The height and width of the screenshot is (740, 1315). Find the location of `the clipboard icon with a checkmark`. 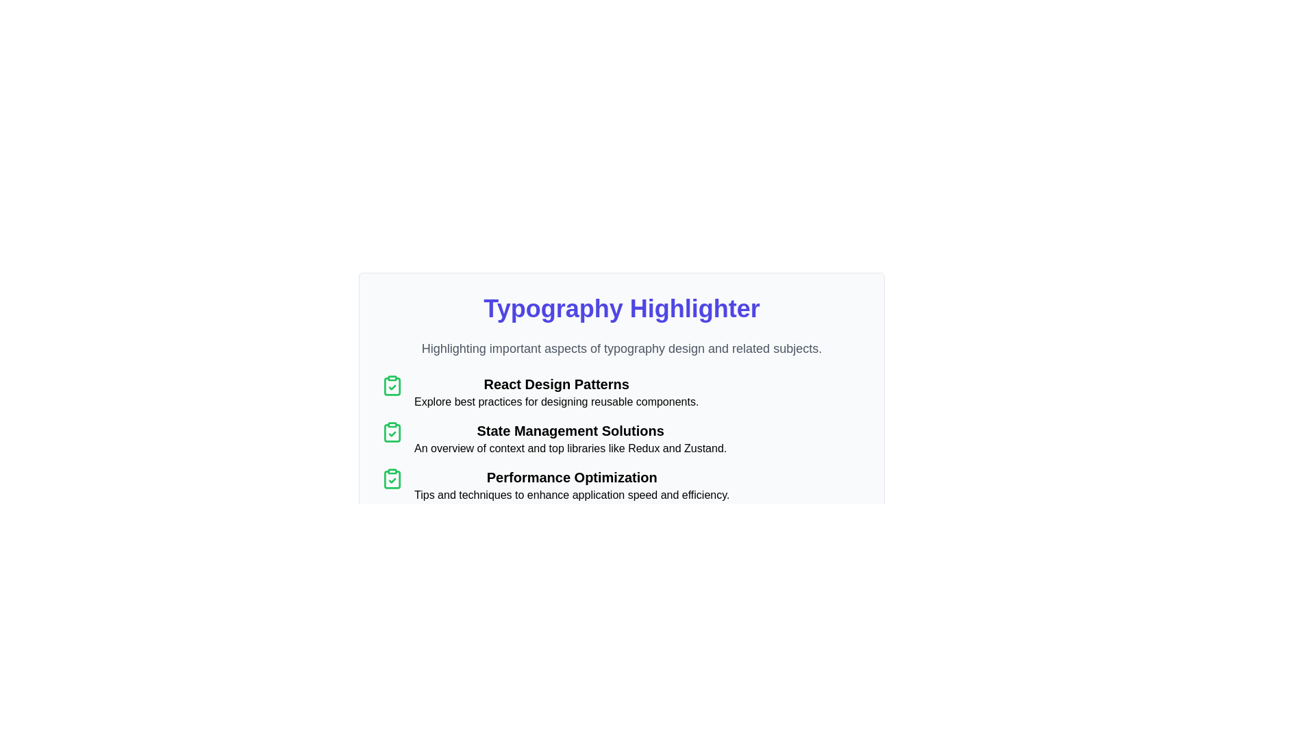

the clipboard icon with a checkmark is located at coordinates (391, 478).